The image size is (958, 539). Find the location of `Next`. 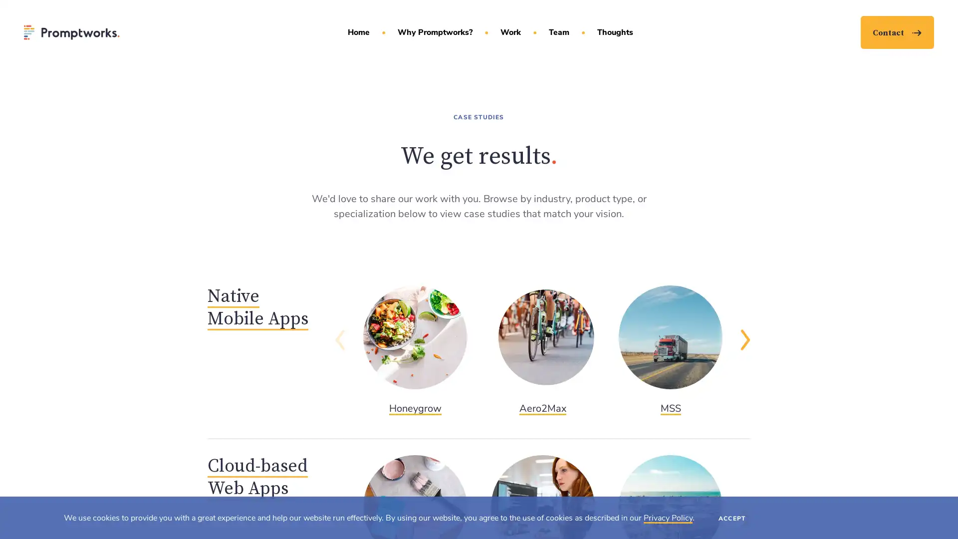

Next is located at coordinates (745, 338).